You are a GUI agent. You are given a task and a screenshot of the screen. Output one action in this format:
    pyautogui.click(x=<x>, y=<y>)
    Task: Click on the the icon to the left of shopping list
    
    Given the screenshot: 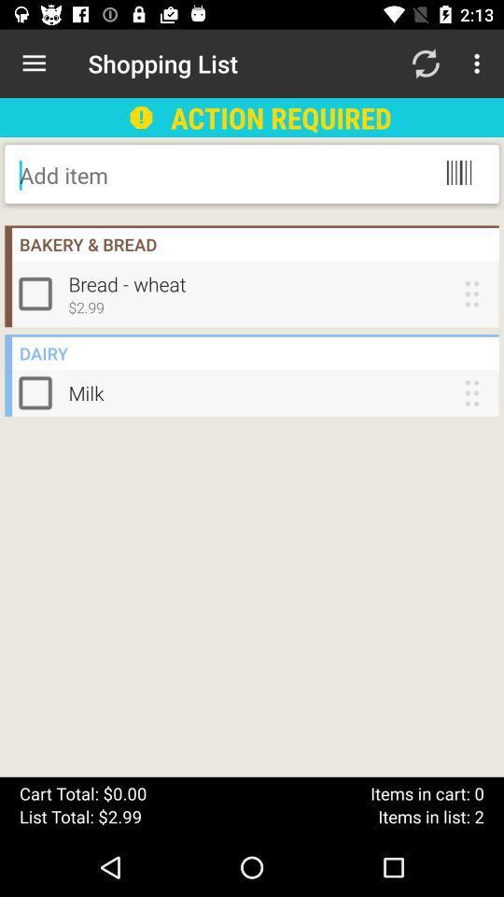 What is the action you would take?
    pyautogui.click(x=34, y=64)
    